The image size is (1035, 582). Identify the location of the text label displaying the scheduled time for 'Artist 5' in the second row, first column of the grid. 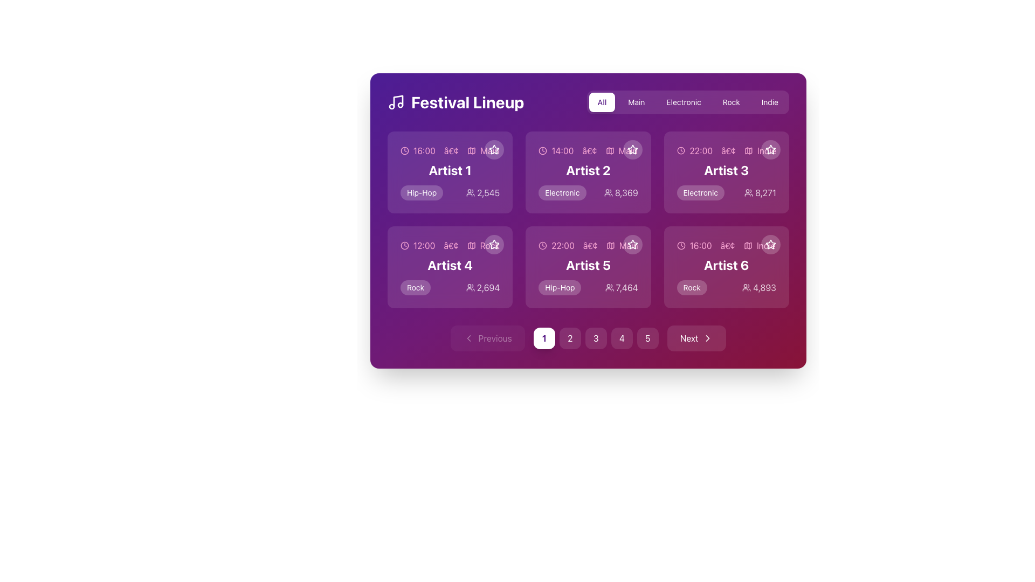
(562, 245).